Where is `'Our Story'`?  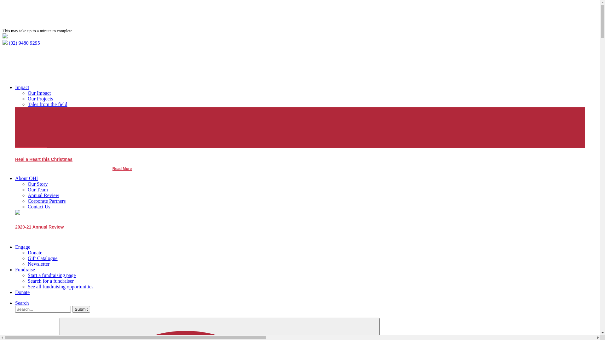 'Our Story' is located at coordinates (37, 184).